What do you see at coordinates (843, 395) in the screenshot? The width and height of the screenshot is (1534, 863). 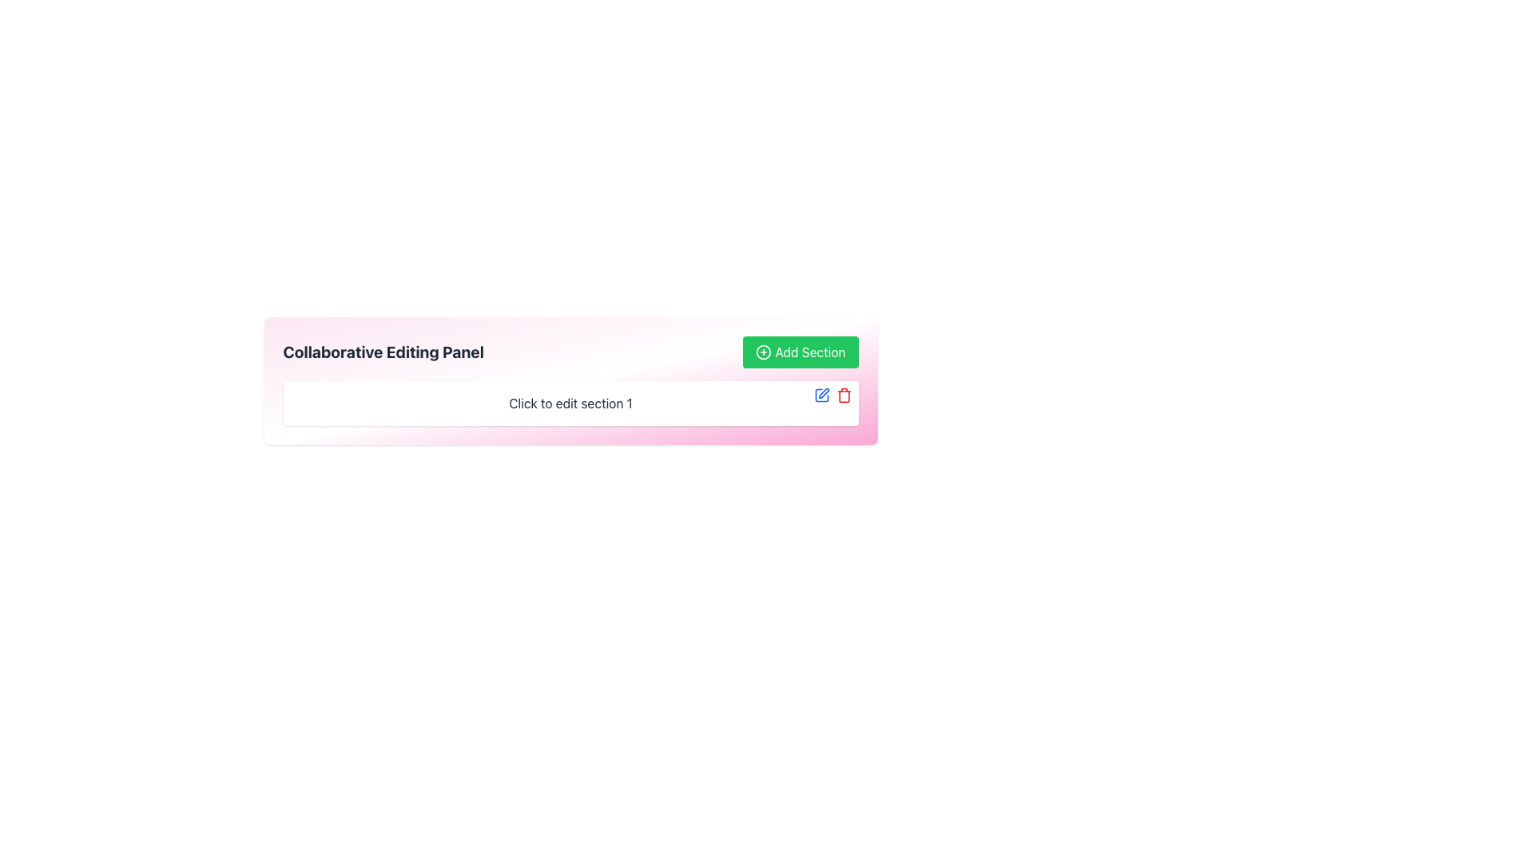 I see `the delete button located to the right of the blue pen icon, which is part of a horizontal layout of icons at the top right corner of the interface` at bounding box center [843, 395].